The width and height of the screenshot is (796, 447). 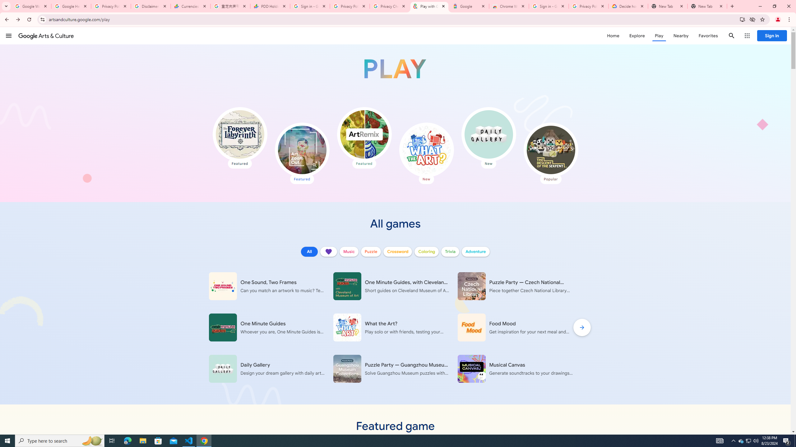 What do you see at coordinates (190, 6) in the screenshot?
I see `'Currencies - Google Finance'` at bounding box center [190, 6].